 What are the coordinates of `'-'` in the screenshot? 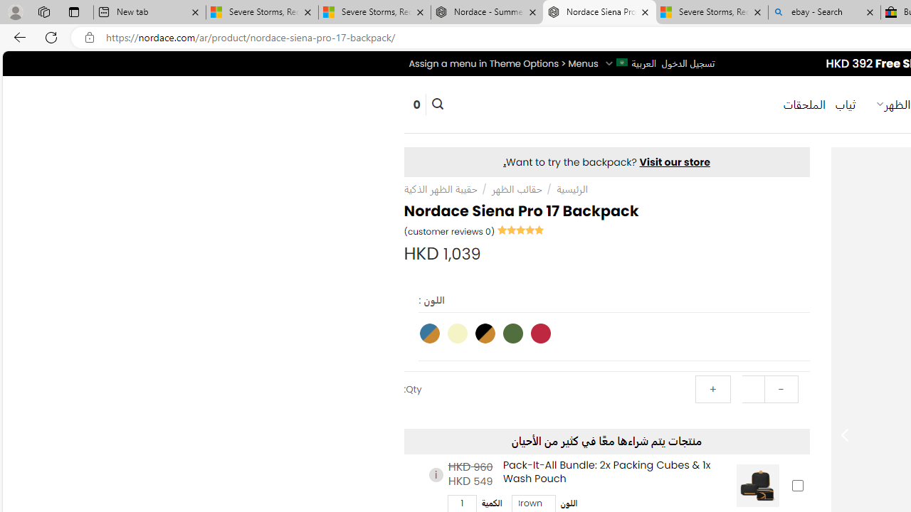 It's located at (780, 389).